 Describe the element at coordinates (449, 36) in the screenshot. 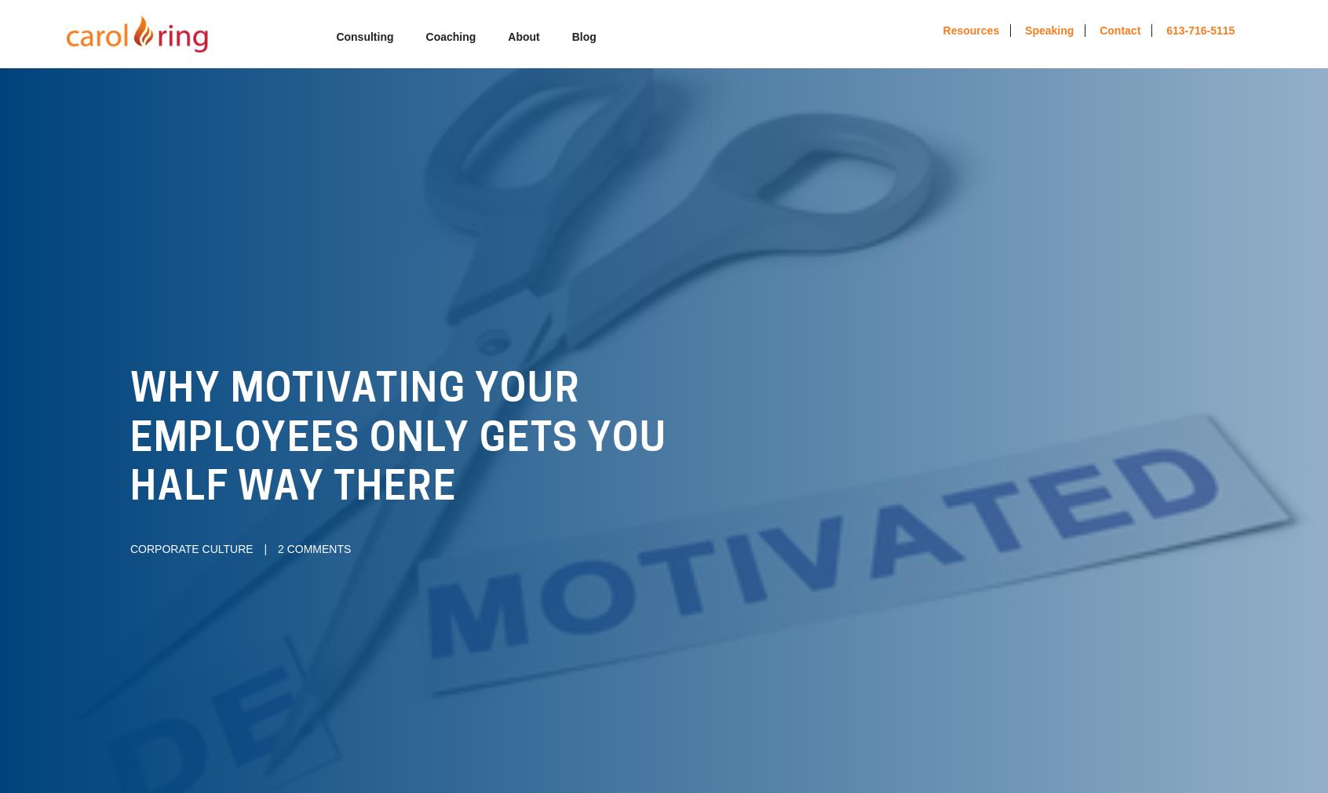

I see `'Coaching'` at that location.